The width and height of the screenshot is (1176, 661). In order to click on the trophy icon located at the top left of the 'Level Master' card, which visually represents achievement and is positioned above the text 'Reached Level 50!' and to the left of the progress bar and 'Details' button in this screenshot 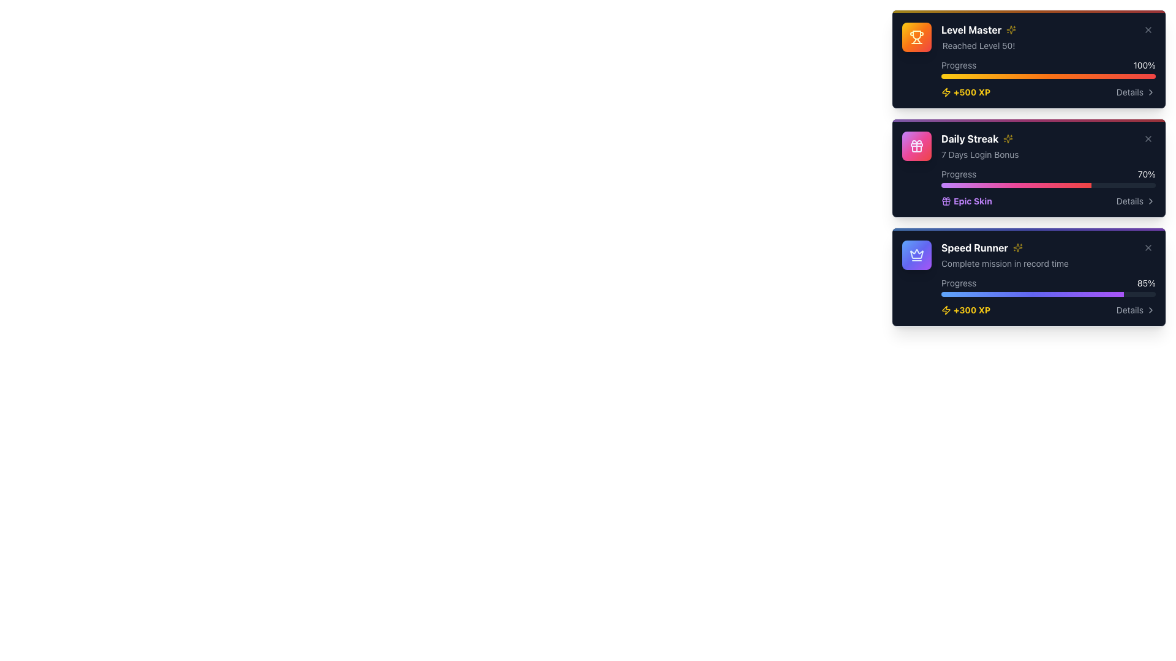, I will do `click(917, 34)`.